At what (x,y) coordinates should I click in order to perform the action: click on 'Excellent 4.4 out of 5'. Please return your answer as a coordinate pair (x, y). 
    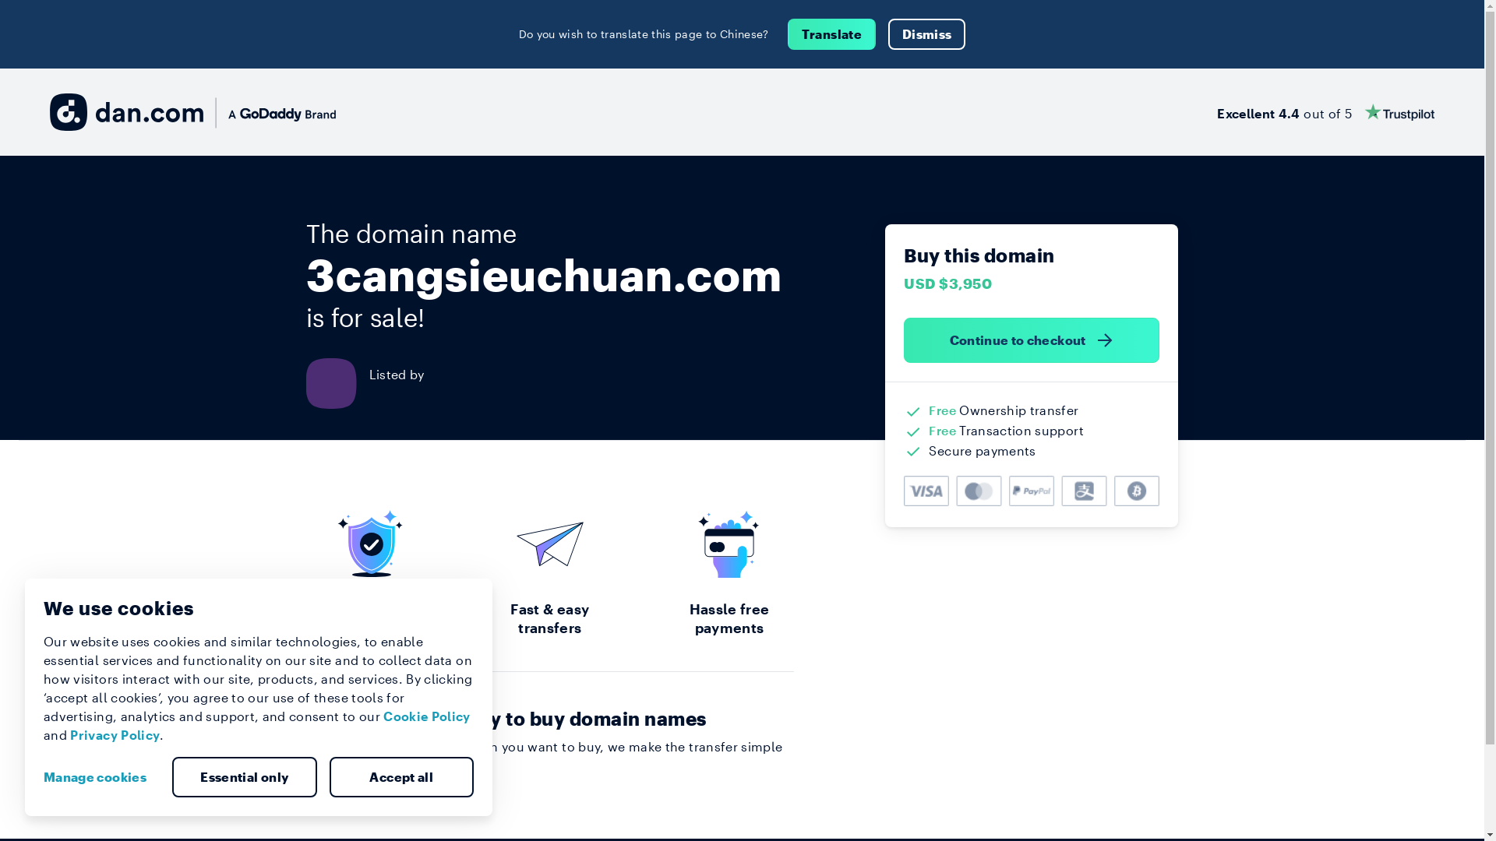
    Looking at the image, I should click on (1215, 111).